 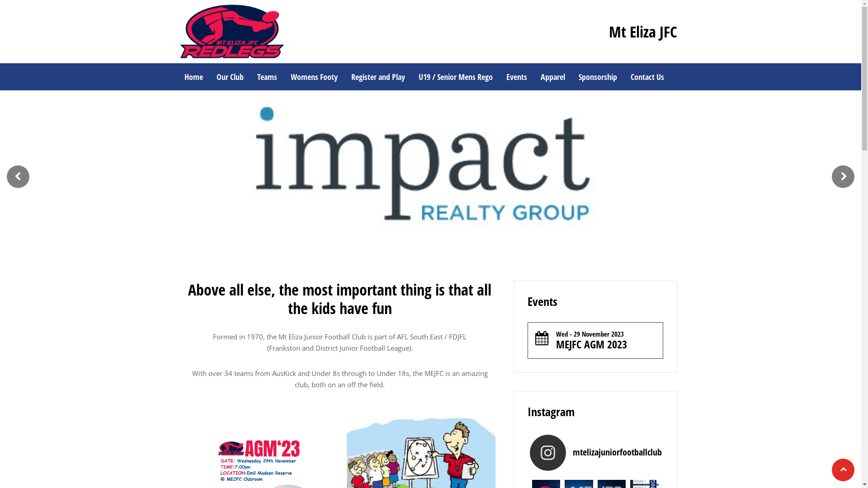 I want to click on 'U19 / Senior Mens Rego', so click(x=455, y=76).